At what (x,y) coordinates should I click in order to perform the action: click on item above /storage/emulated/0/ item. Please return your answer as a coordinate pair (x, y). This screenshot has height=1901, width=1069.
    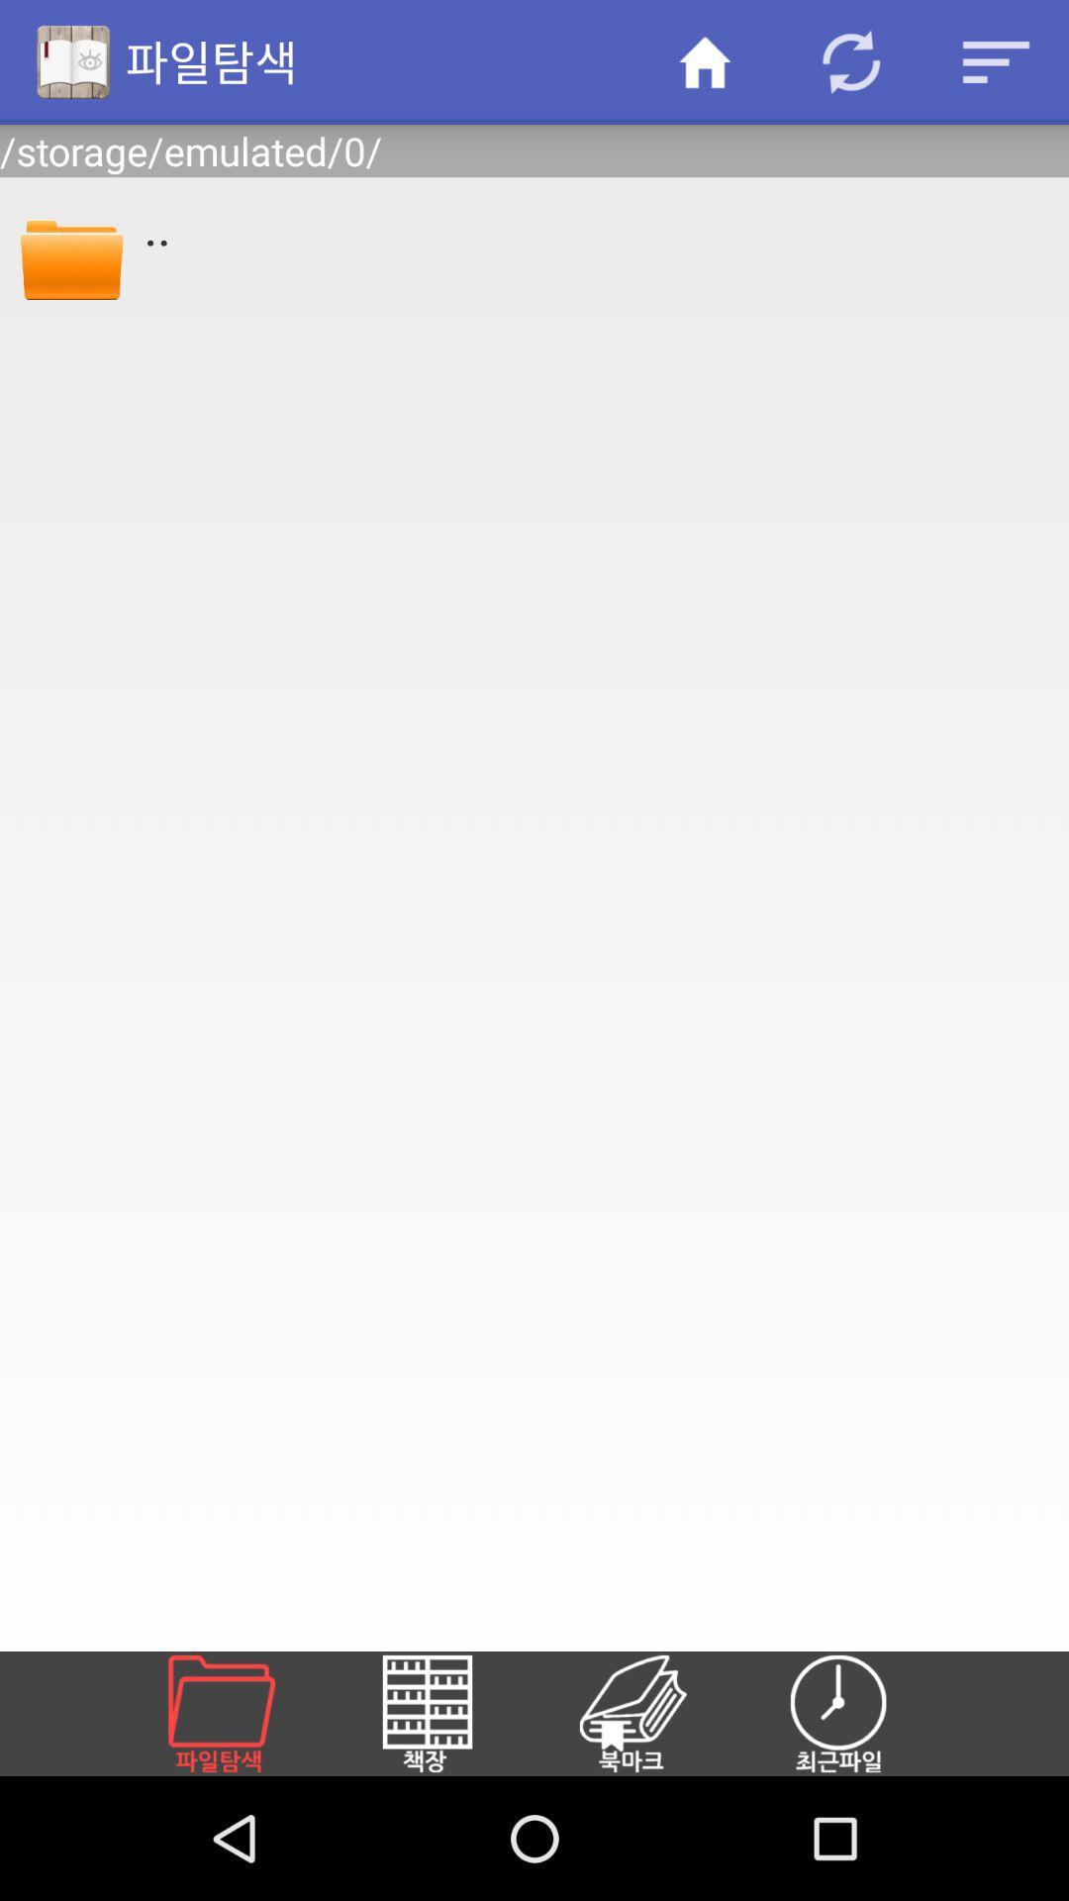
    Looking at the image, I should click on (849, 61).